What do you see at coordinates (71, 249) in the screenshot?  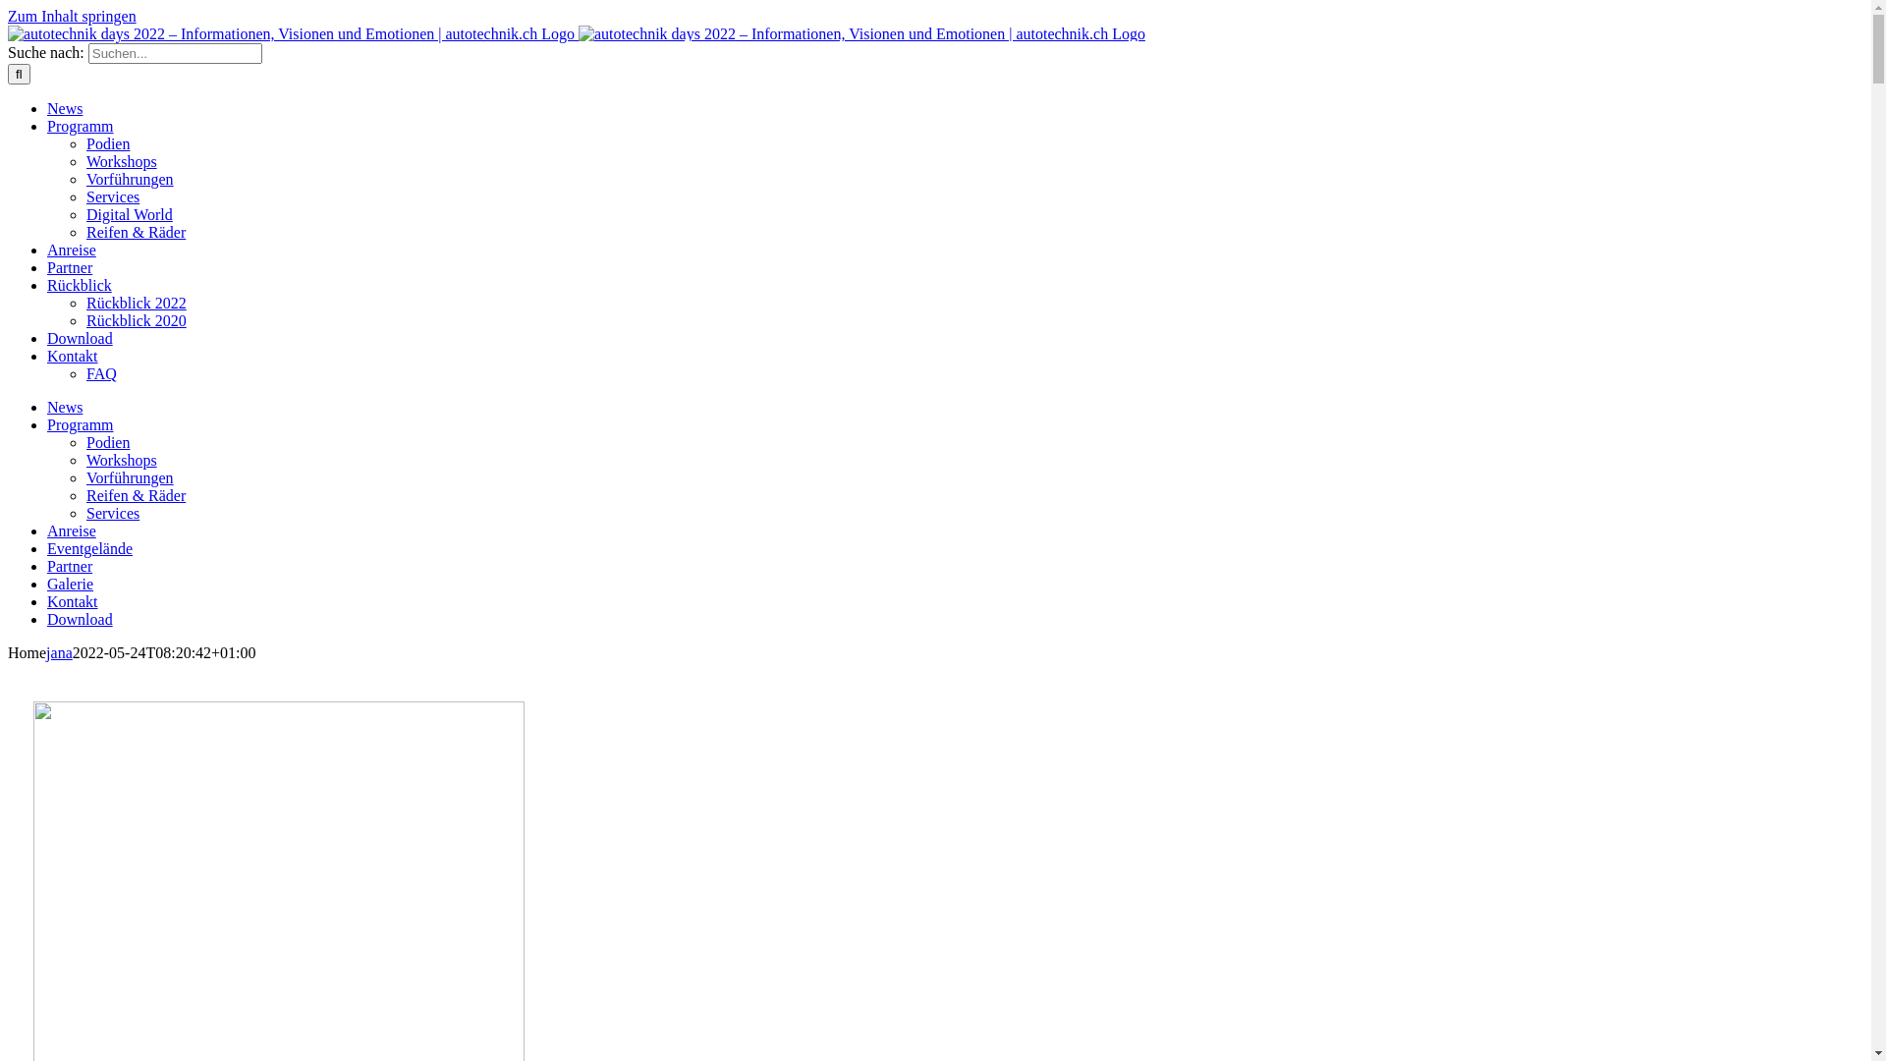 I see `'Anreise'` at bounding box center [71, 249].